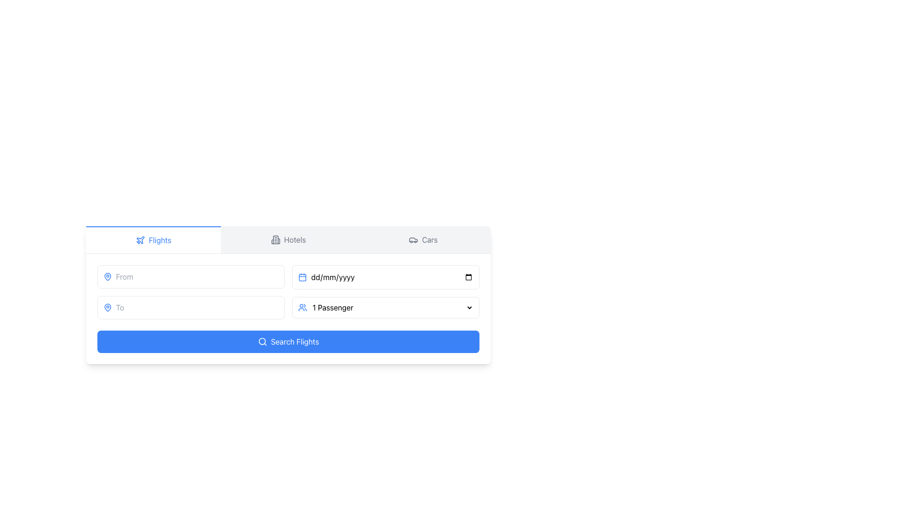 The height and width of the screenshot is (505, 899). I want to click on the 'Search Flights' button, which is a rectangular button with rounded corners, blue background, and white text, located at the bottom of the flight search form, so click(287, 342).